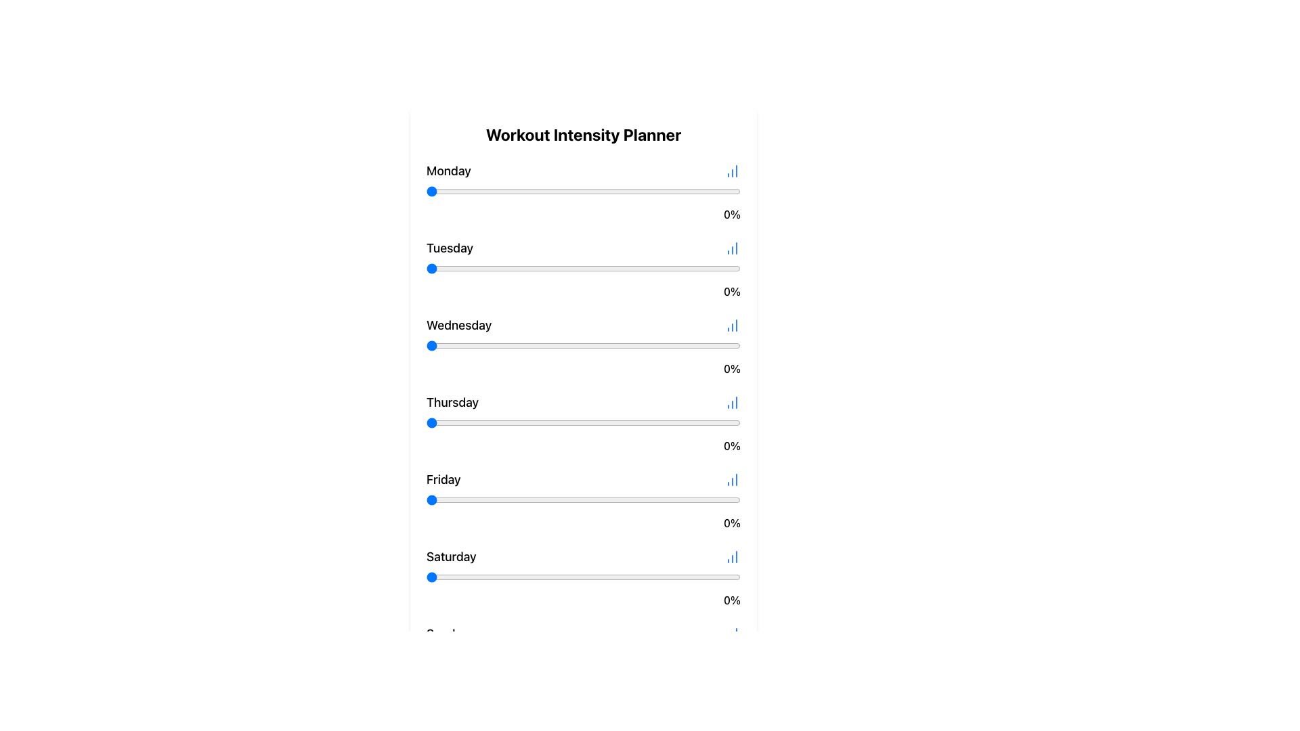 The image size is (1300, 731). Describe the element at coordinates (443, 479) in the screenshot. I see `the static text label that serves as a header for the Friday row in the planner` at that location.